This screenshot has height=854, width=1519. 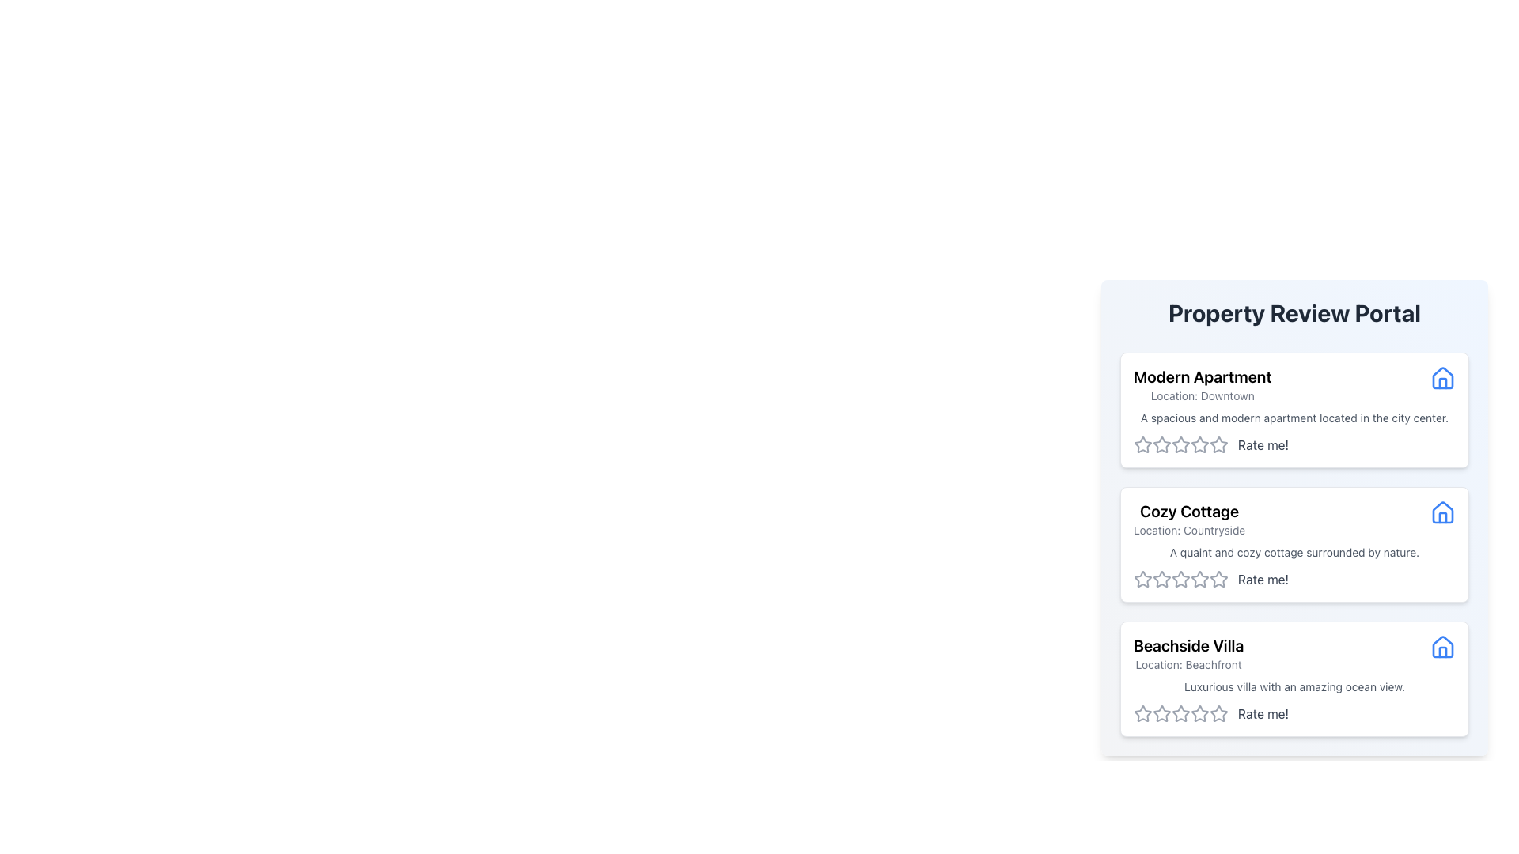 I want to click on the minimalist house icon located to the right of the 'Beachside Villa' text in the third list item, so click(x=1443, y=646).